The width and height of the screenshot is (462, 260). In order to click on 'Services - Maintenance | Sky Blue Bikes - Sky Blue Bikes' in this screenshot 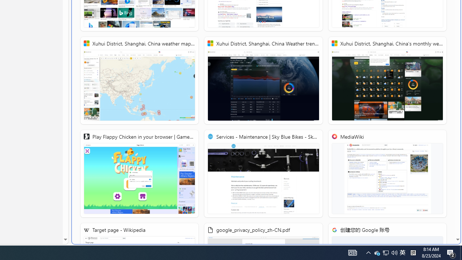, I will do `click(263, 174)`.